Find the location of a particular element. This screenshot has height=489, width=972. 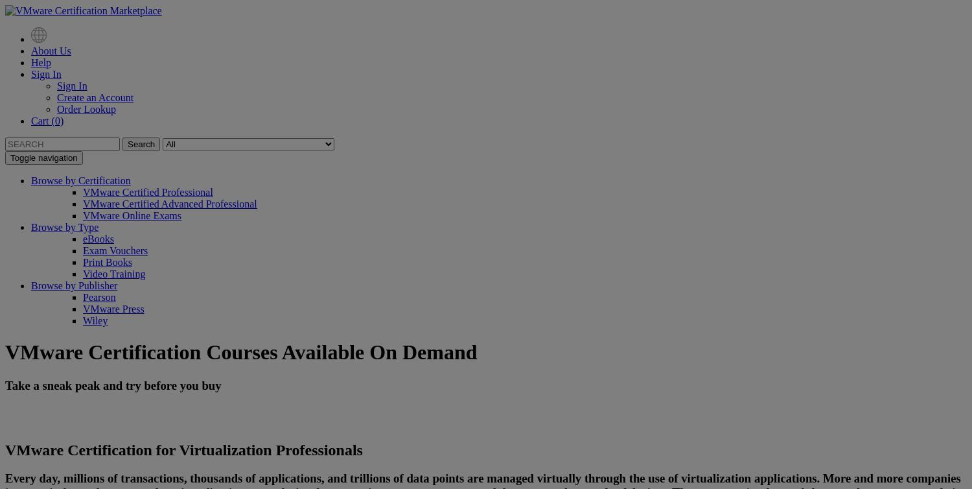

'Search' is located at coordinates (140, 143).